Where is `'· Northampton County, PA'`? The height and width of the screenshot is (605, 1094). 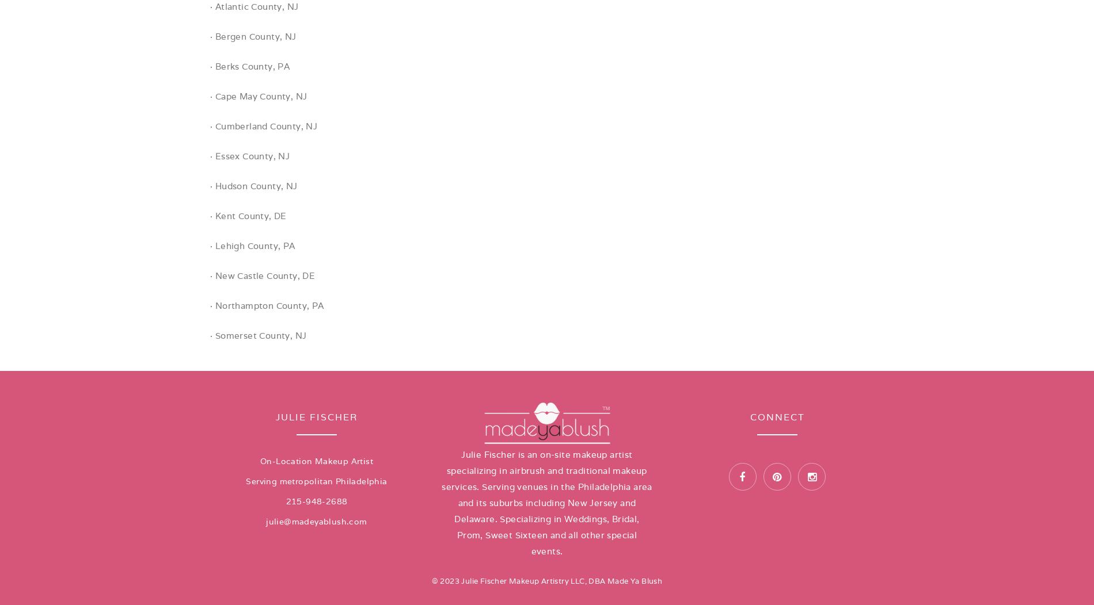 '· Northampton County, PA' is located at coordinates (209, 305).